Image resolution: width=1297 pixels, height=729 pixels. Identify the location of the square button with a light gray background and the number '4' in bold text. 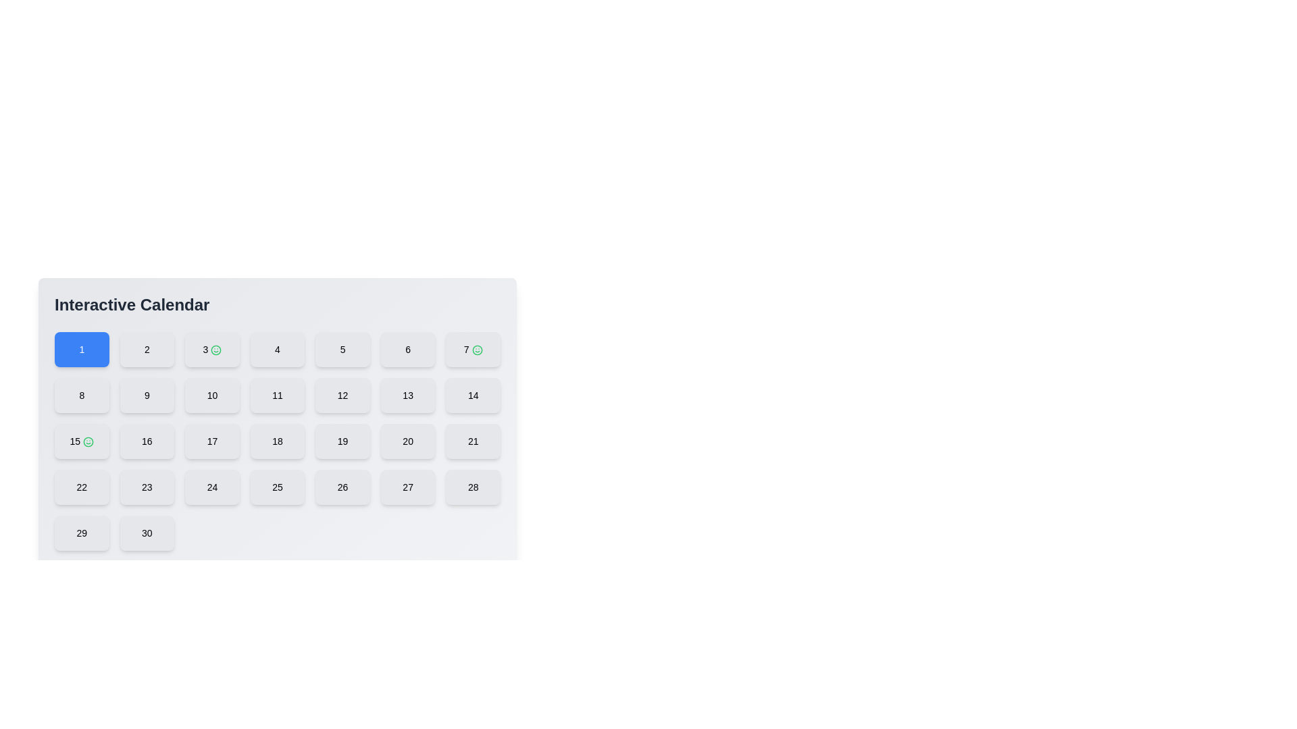
(277, 348).